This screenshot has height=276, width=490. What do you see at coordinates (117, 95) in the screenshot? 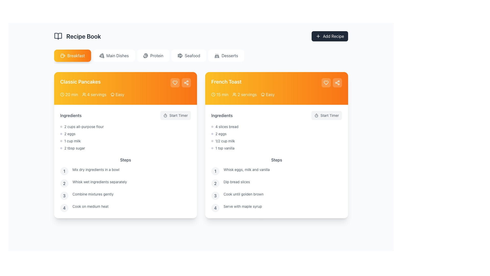
I see `the 'Easy' label with a hat icon located in the top-right corner of the 'Classic Pancakes' card` at bounding box center [117, 95].